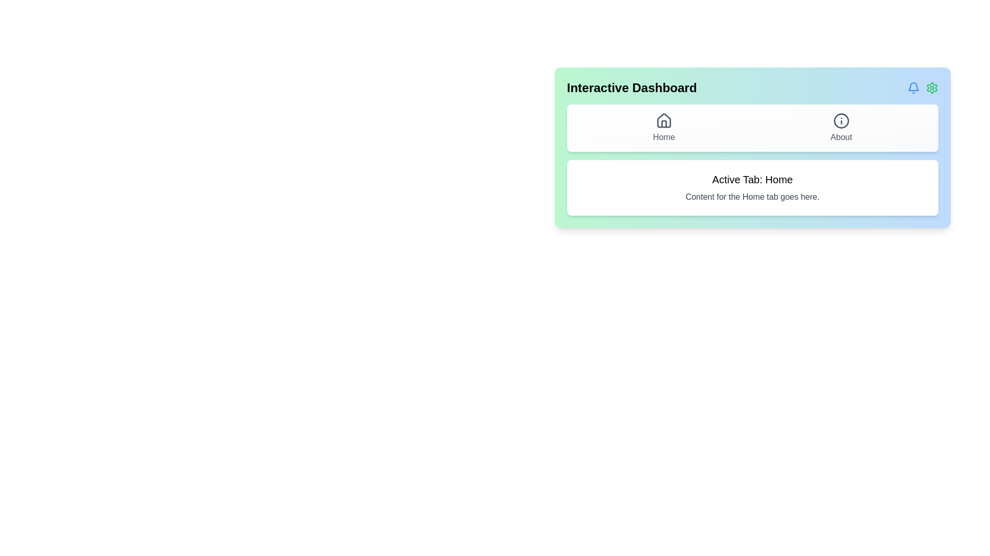 This screenshot has width=990, height=556. I want to click on the home icon located in the top navigation bar, so click(664, 120).